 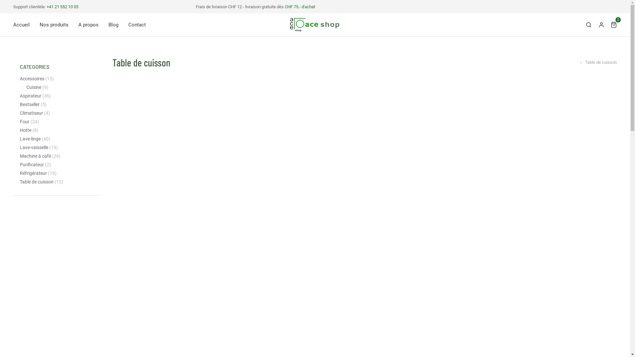 I want to click on 'Blog', so click(x=113, y=24).